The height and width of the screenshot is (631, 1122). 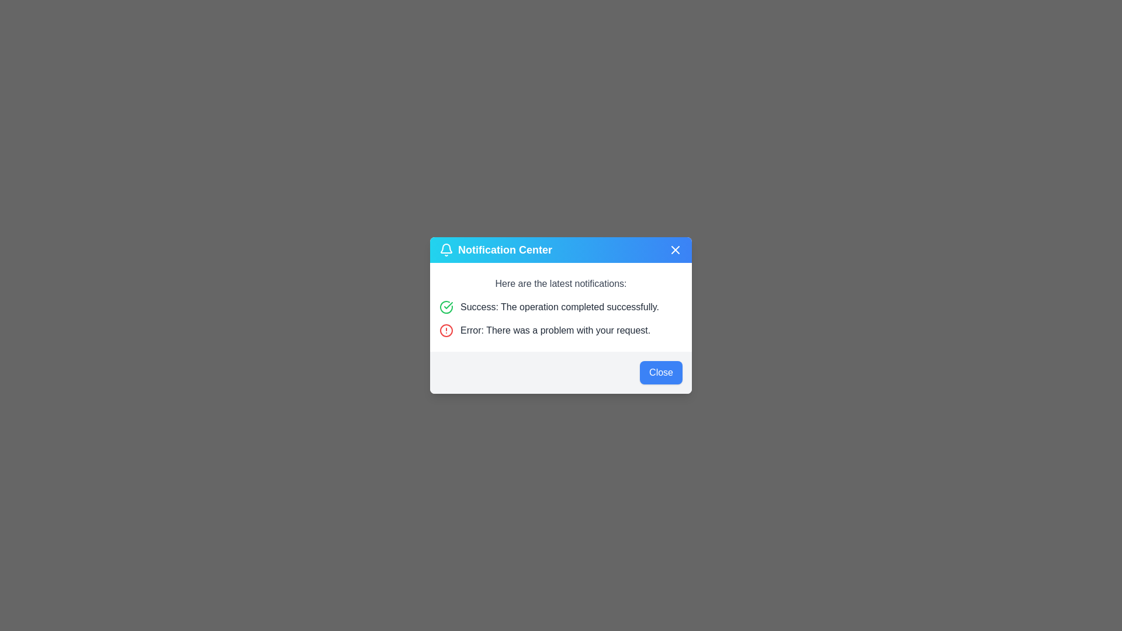 What do you see at coordinates (561, 331) in the screenshot?
I see `error message notification located under the header 'Here are the latest notifications:', positioned below the success message and icon, occupying the second slot in the list of notifications` at bounding box center [561, 331].